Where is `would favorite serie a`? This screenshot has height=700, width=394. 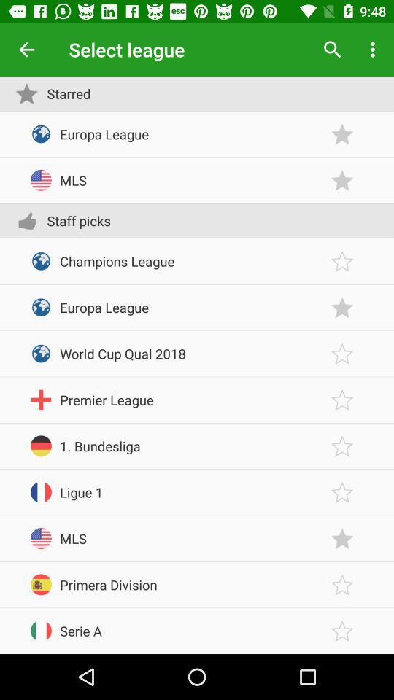 would favorite serie a is located at coordinates (342, 630).